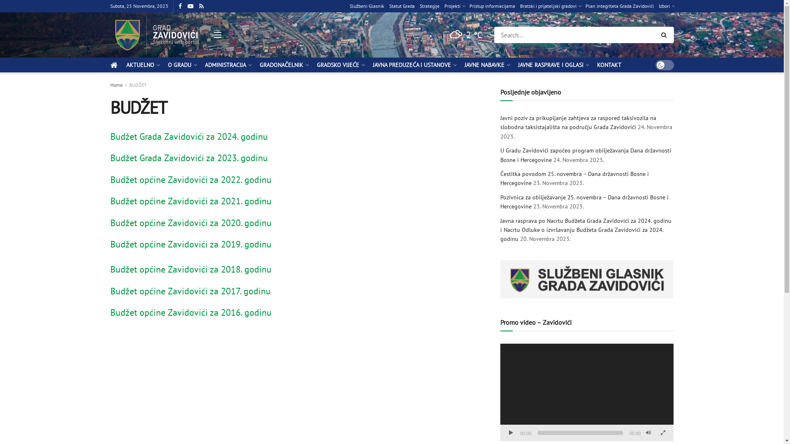  Describe the element at coordinates (142, 65) in the screenshot. I see `'AKTUELNO'` at that location.